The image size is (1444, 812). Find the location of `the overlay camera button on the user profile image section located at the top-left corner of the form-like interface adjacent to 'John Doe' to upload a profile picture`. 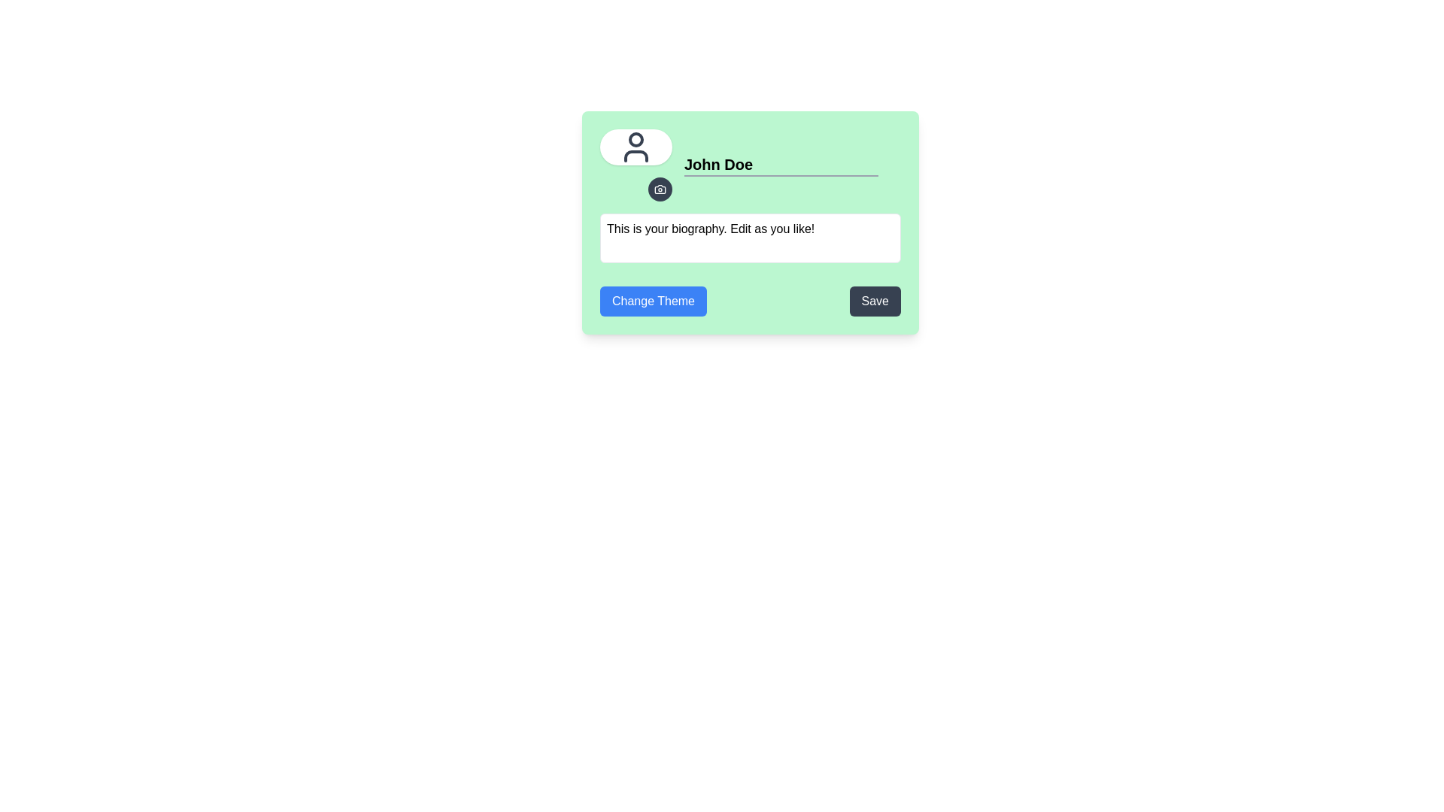

the overlay camera button on the user profile image section located at the top-left corner of the form-like interface adjacent to 'John Doe' to upload a profile picture is located at coordinates (636, 165).